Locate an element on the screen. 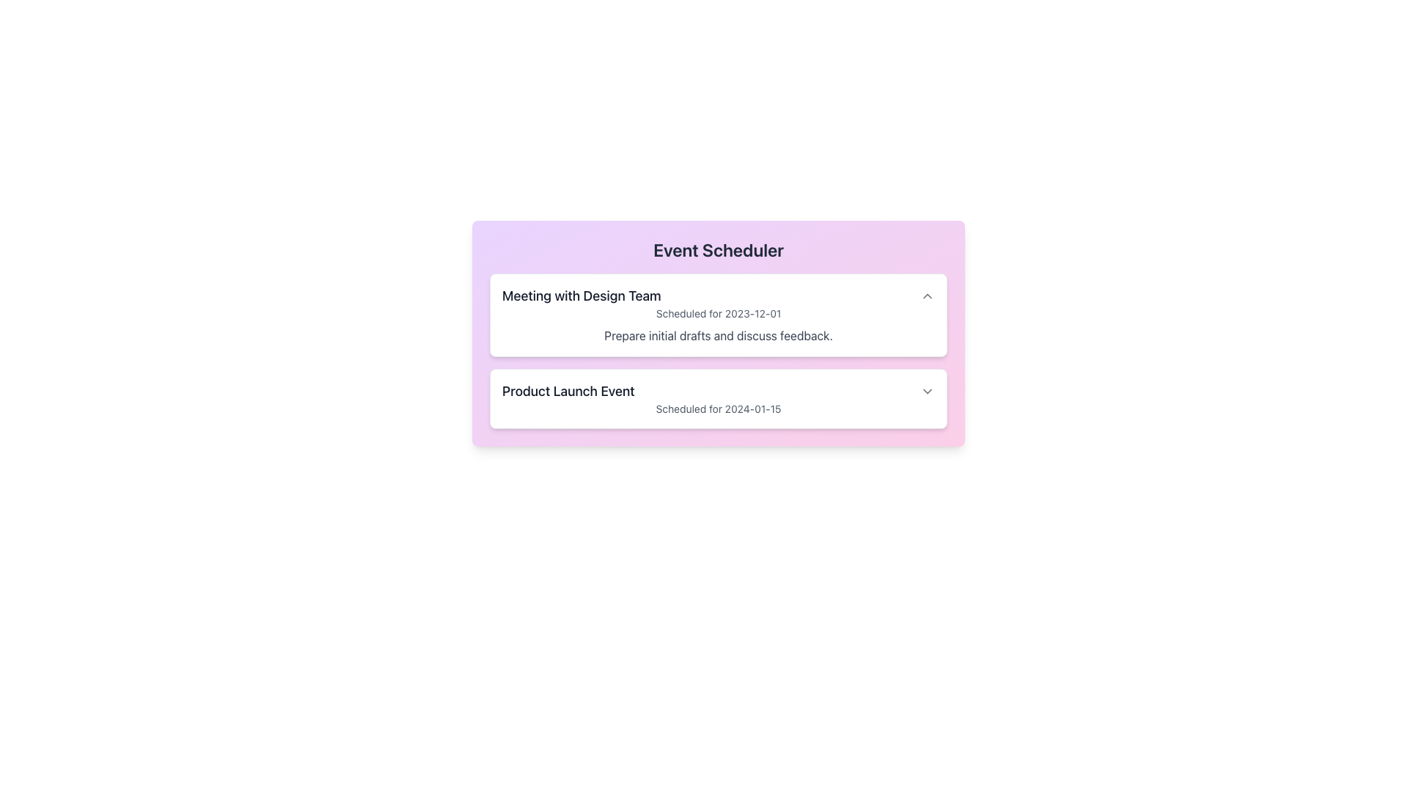 The height and width of the screenshot is (792, 1408). the text element that provides a description or note regarding the scheduled event, located below the title 'Meeting with Design Team' and the date 'Scheduled for 2023-12-01' is located at coordinates (718, 336).